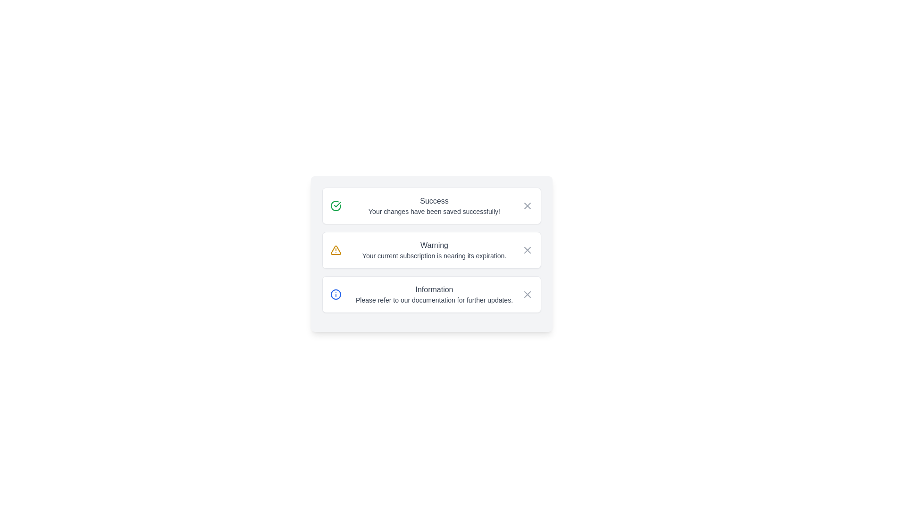  Describe the element at coordinates (434, 201) in the screenshot. I see `the Header text element that indicates the success of an operation, located in the top section of a notification card` at that location.